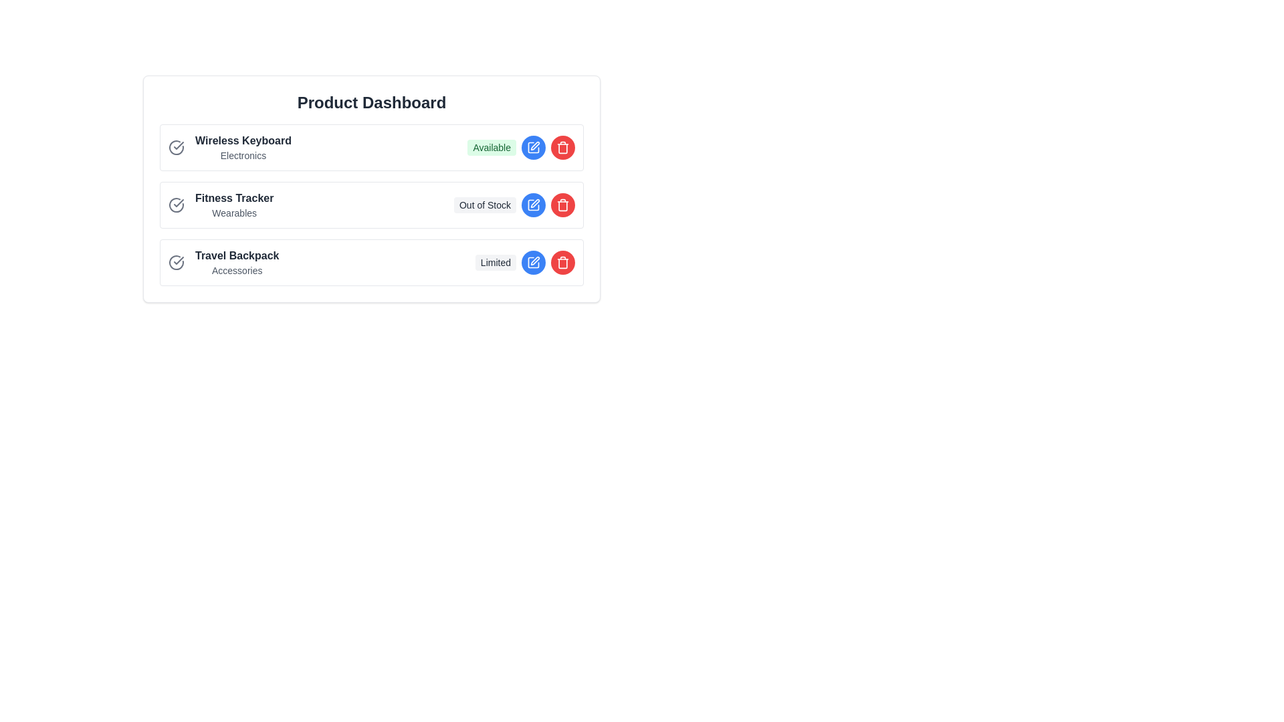 The width and height of the screenshot is (1284, 722). I want to click on the delete button for the product Wireless Keyboard, so click(562, 147).